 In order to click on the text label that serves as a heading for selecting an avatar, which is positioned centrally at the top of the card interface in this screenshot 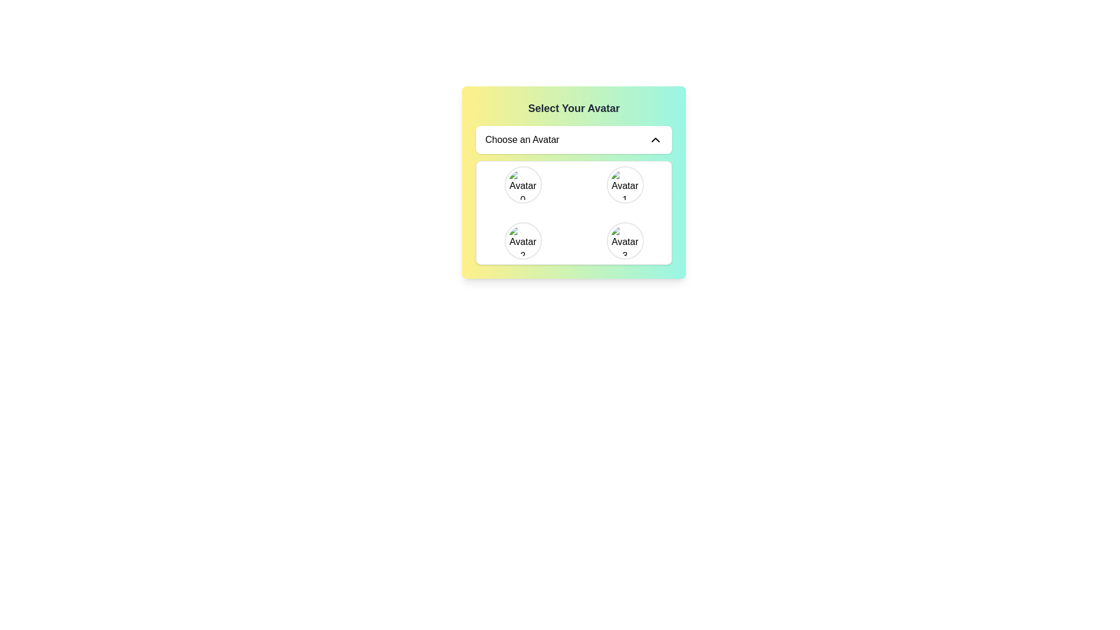, I will do `click(573, 108)`.